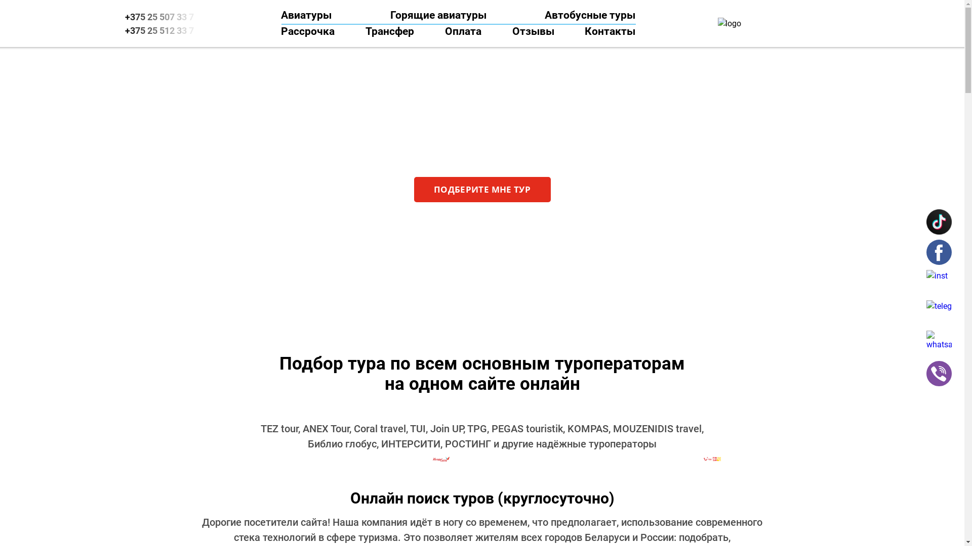 Image resolution: width=972 pixels, height=546 pixels. What do you see at coordinates (162, 29) in the screenshot?
I see `'+375 25 512 33 7'` at bounding box center [162, 29].